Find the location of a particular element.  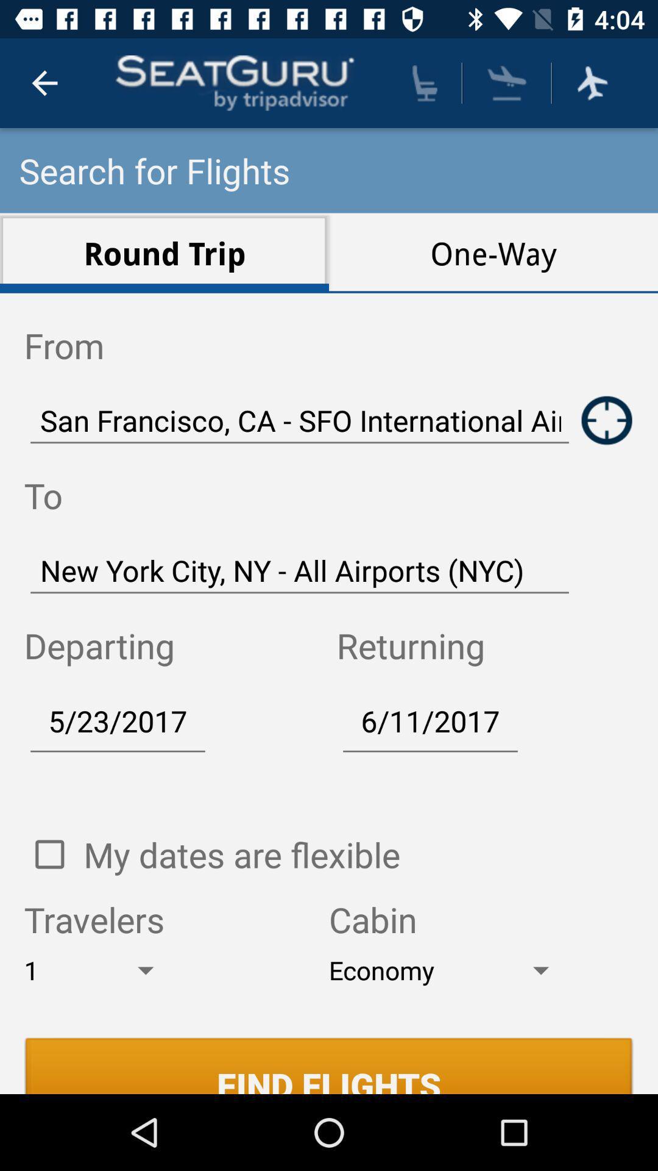

the new york city is located at coordinates (300, 570).